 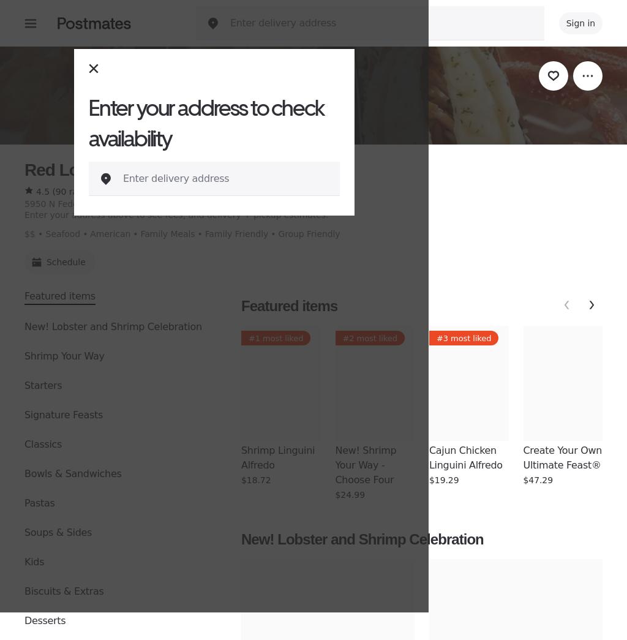 What do you see at coordinates (255, 480) in the screenshot?
I see `'$18.72'` at bounding box center [255, 480].